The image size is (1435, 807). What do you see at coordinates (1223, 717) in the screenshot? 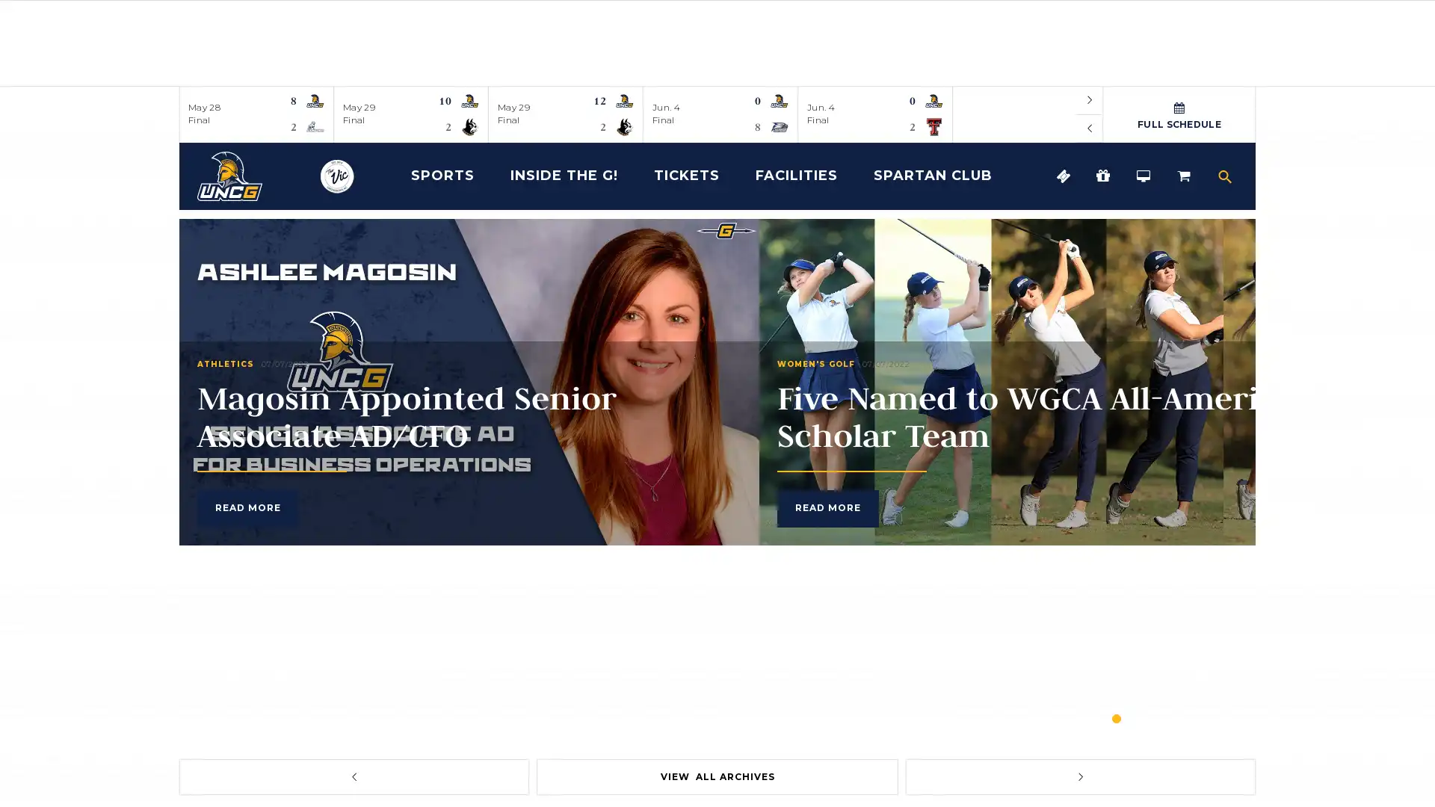
I see `Navigate to slide 5` at bounding box center [1223, 717].